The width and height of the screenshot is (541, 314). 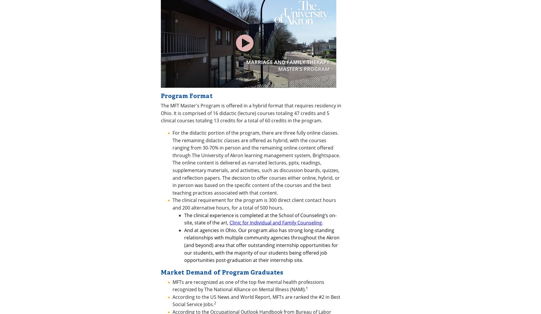 I want to click on 'On Campus:', so click(x=211, y=190).